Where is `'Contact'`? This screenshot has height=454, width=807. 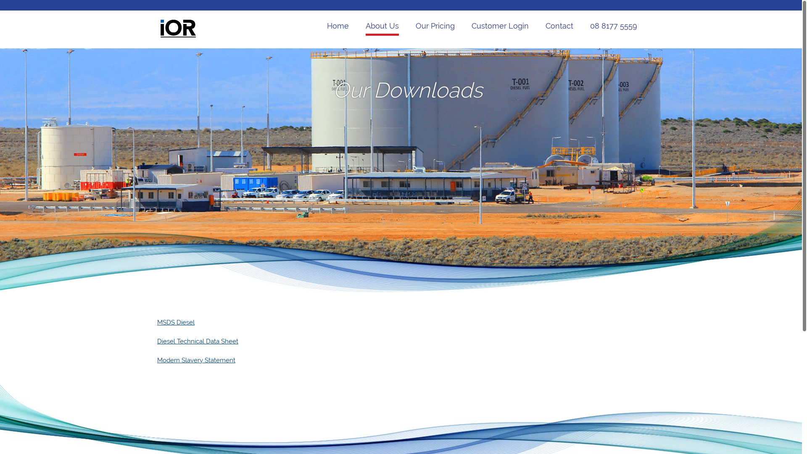
'Contact' is located at coordinates (545, 26).